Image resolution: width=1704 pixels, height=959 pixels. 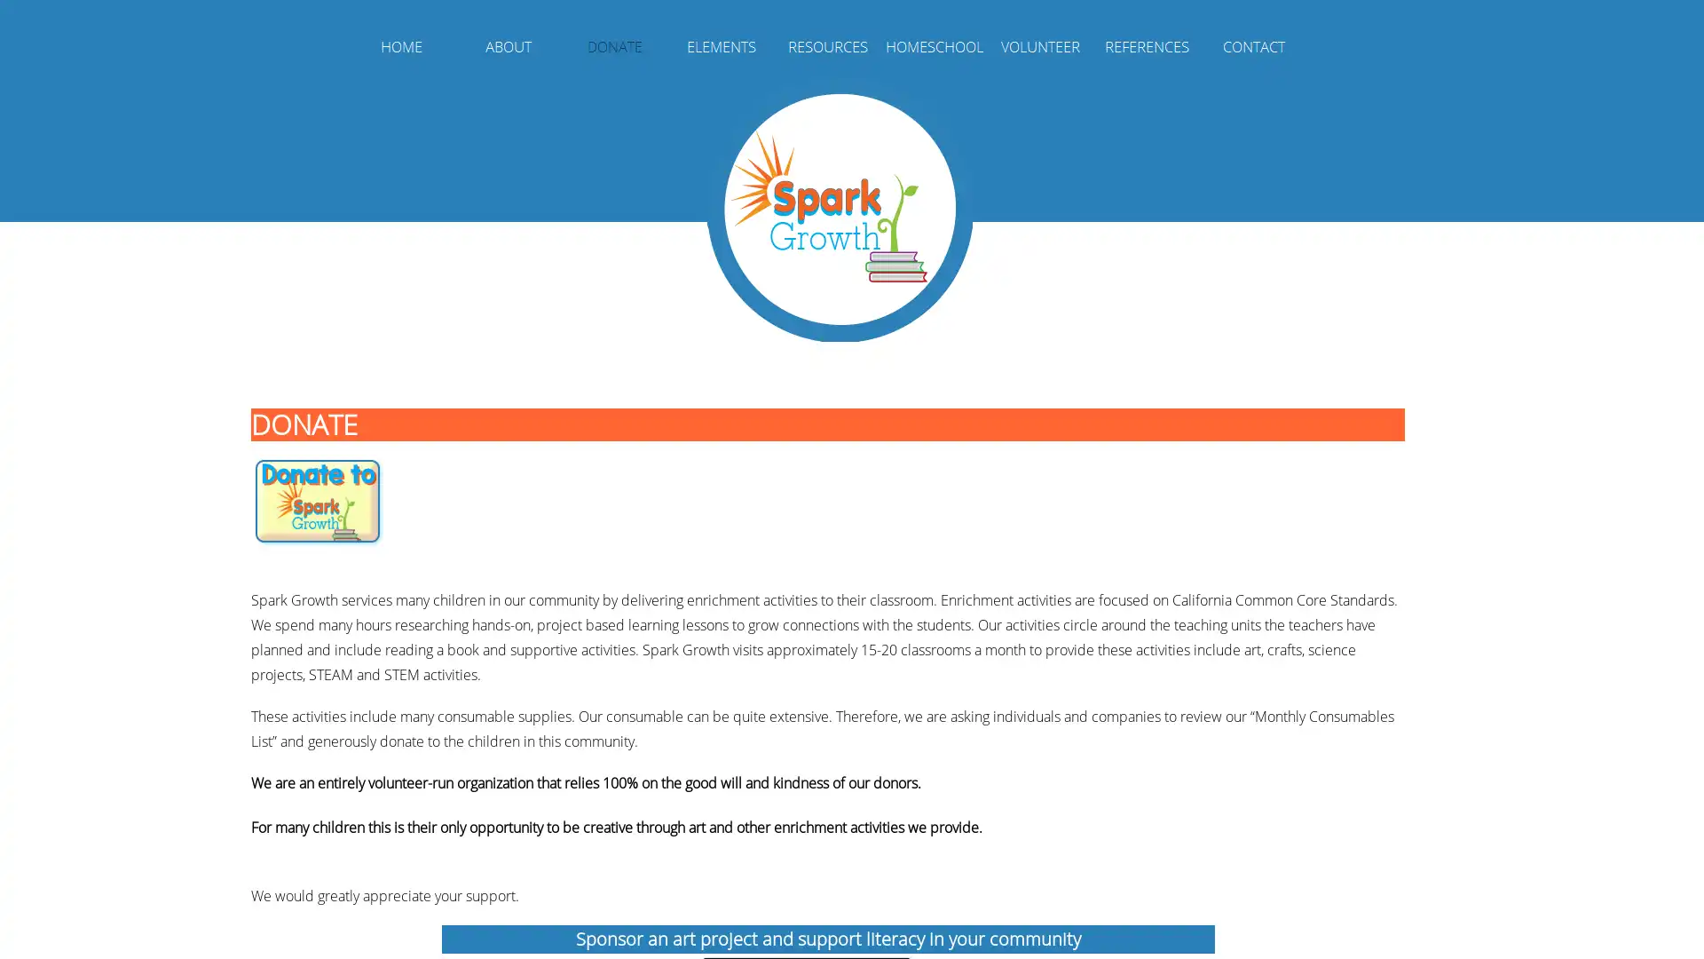 I want to click on Donate with PayPal button, so click(x=318, y=503).